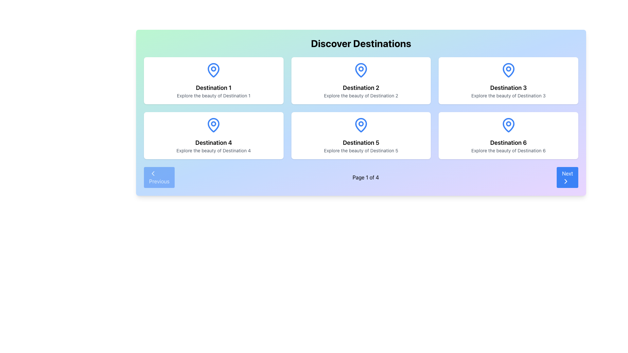 The width and height of the screenshot is (628, 353). I want to click on the Icon at the top center of the 'Destination 2' card in the second column of the top row, so click(361, 70).